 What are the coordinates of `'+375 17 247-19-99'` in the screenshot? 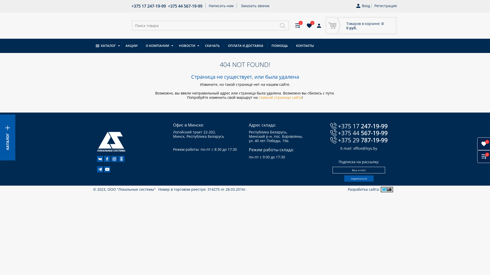 It's located at (148, 6).